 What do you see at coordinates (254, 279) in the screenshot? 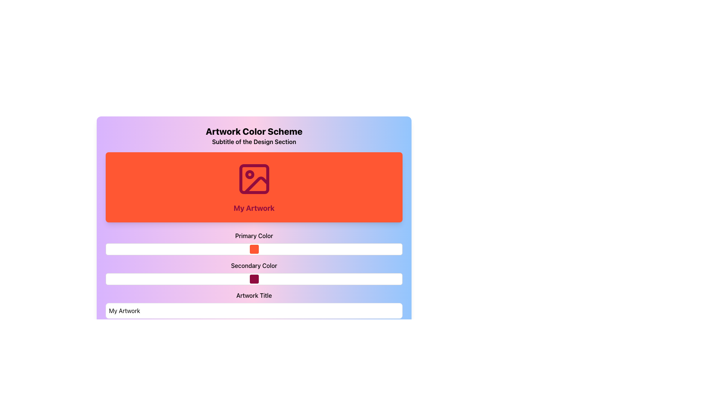
I see `the color preview swatch located in the 'Secondary Color' section` at bounding box center [254, 279].